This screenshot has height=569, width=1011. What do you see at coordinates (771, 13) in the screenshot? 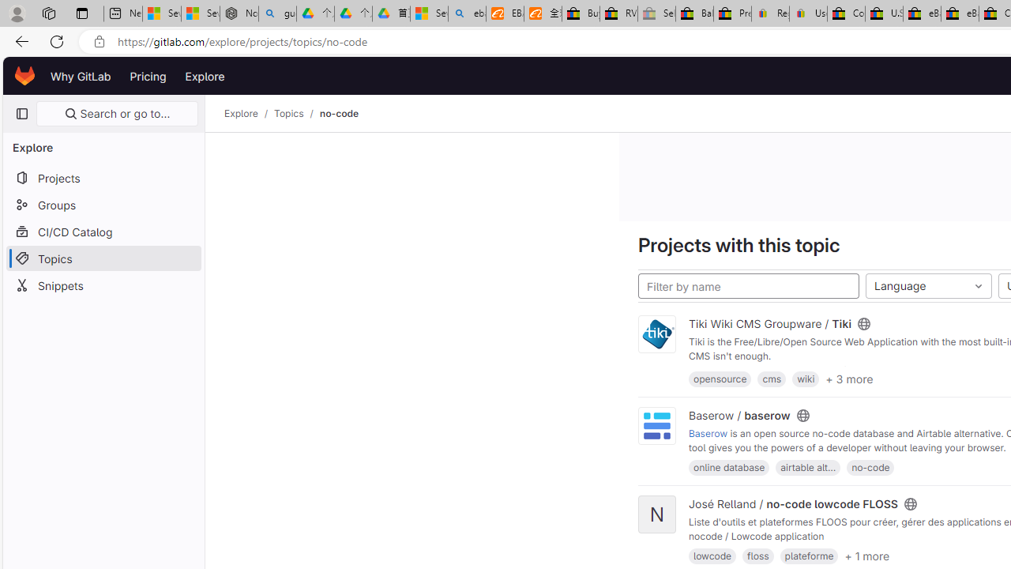
I see `'Register: Create a personal eBay account'` at bounding box center [771, 13].